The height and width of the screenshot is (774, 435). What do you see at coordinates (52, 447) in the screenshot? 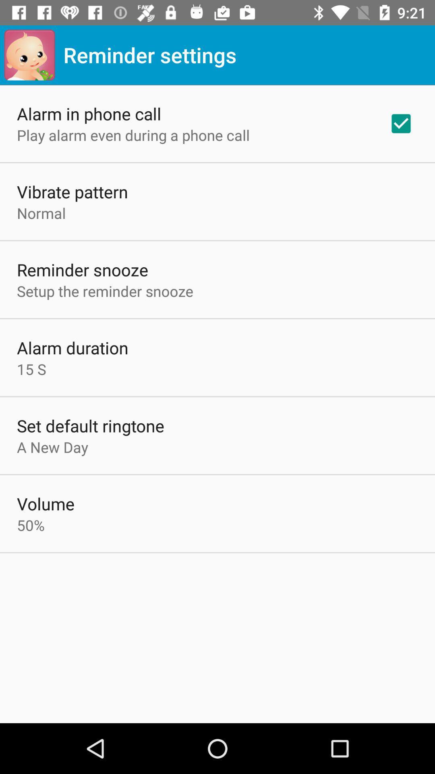
I see `the item above volume item` at bounding box center [52, 447].